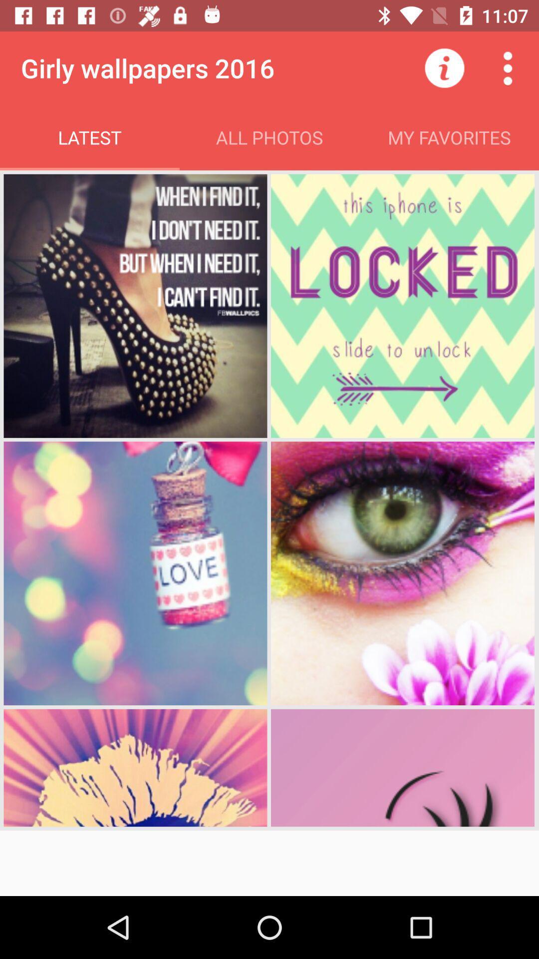  What do you see at coordinates (444, 67) in the screenshot?
I see `the app next to all photos app` at bounding box center [444, 67].